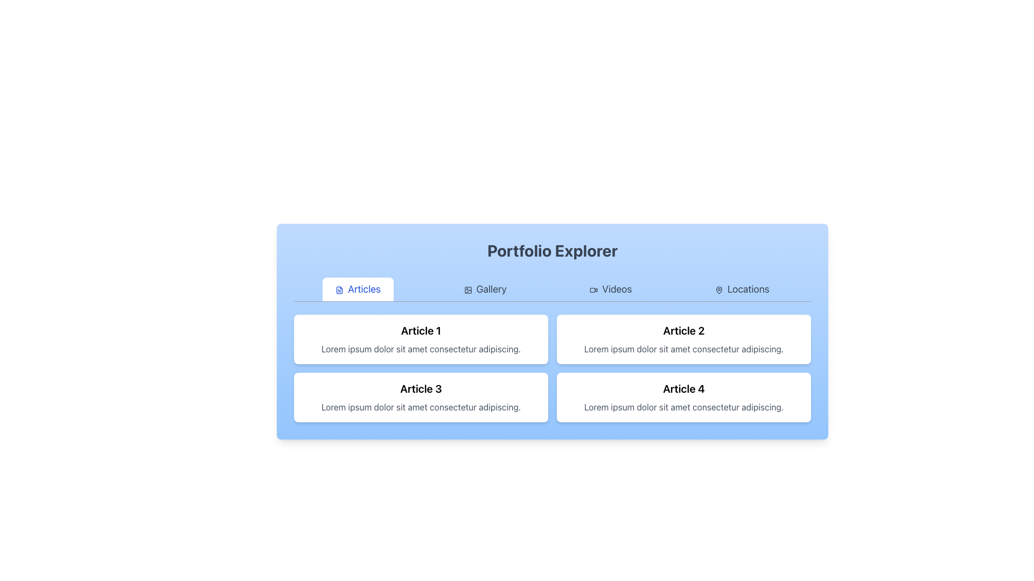  I want to click on the map pin icon representing the 'Locations' tab in the Portfolio Explorer interface, so click(718, 289).